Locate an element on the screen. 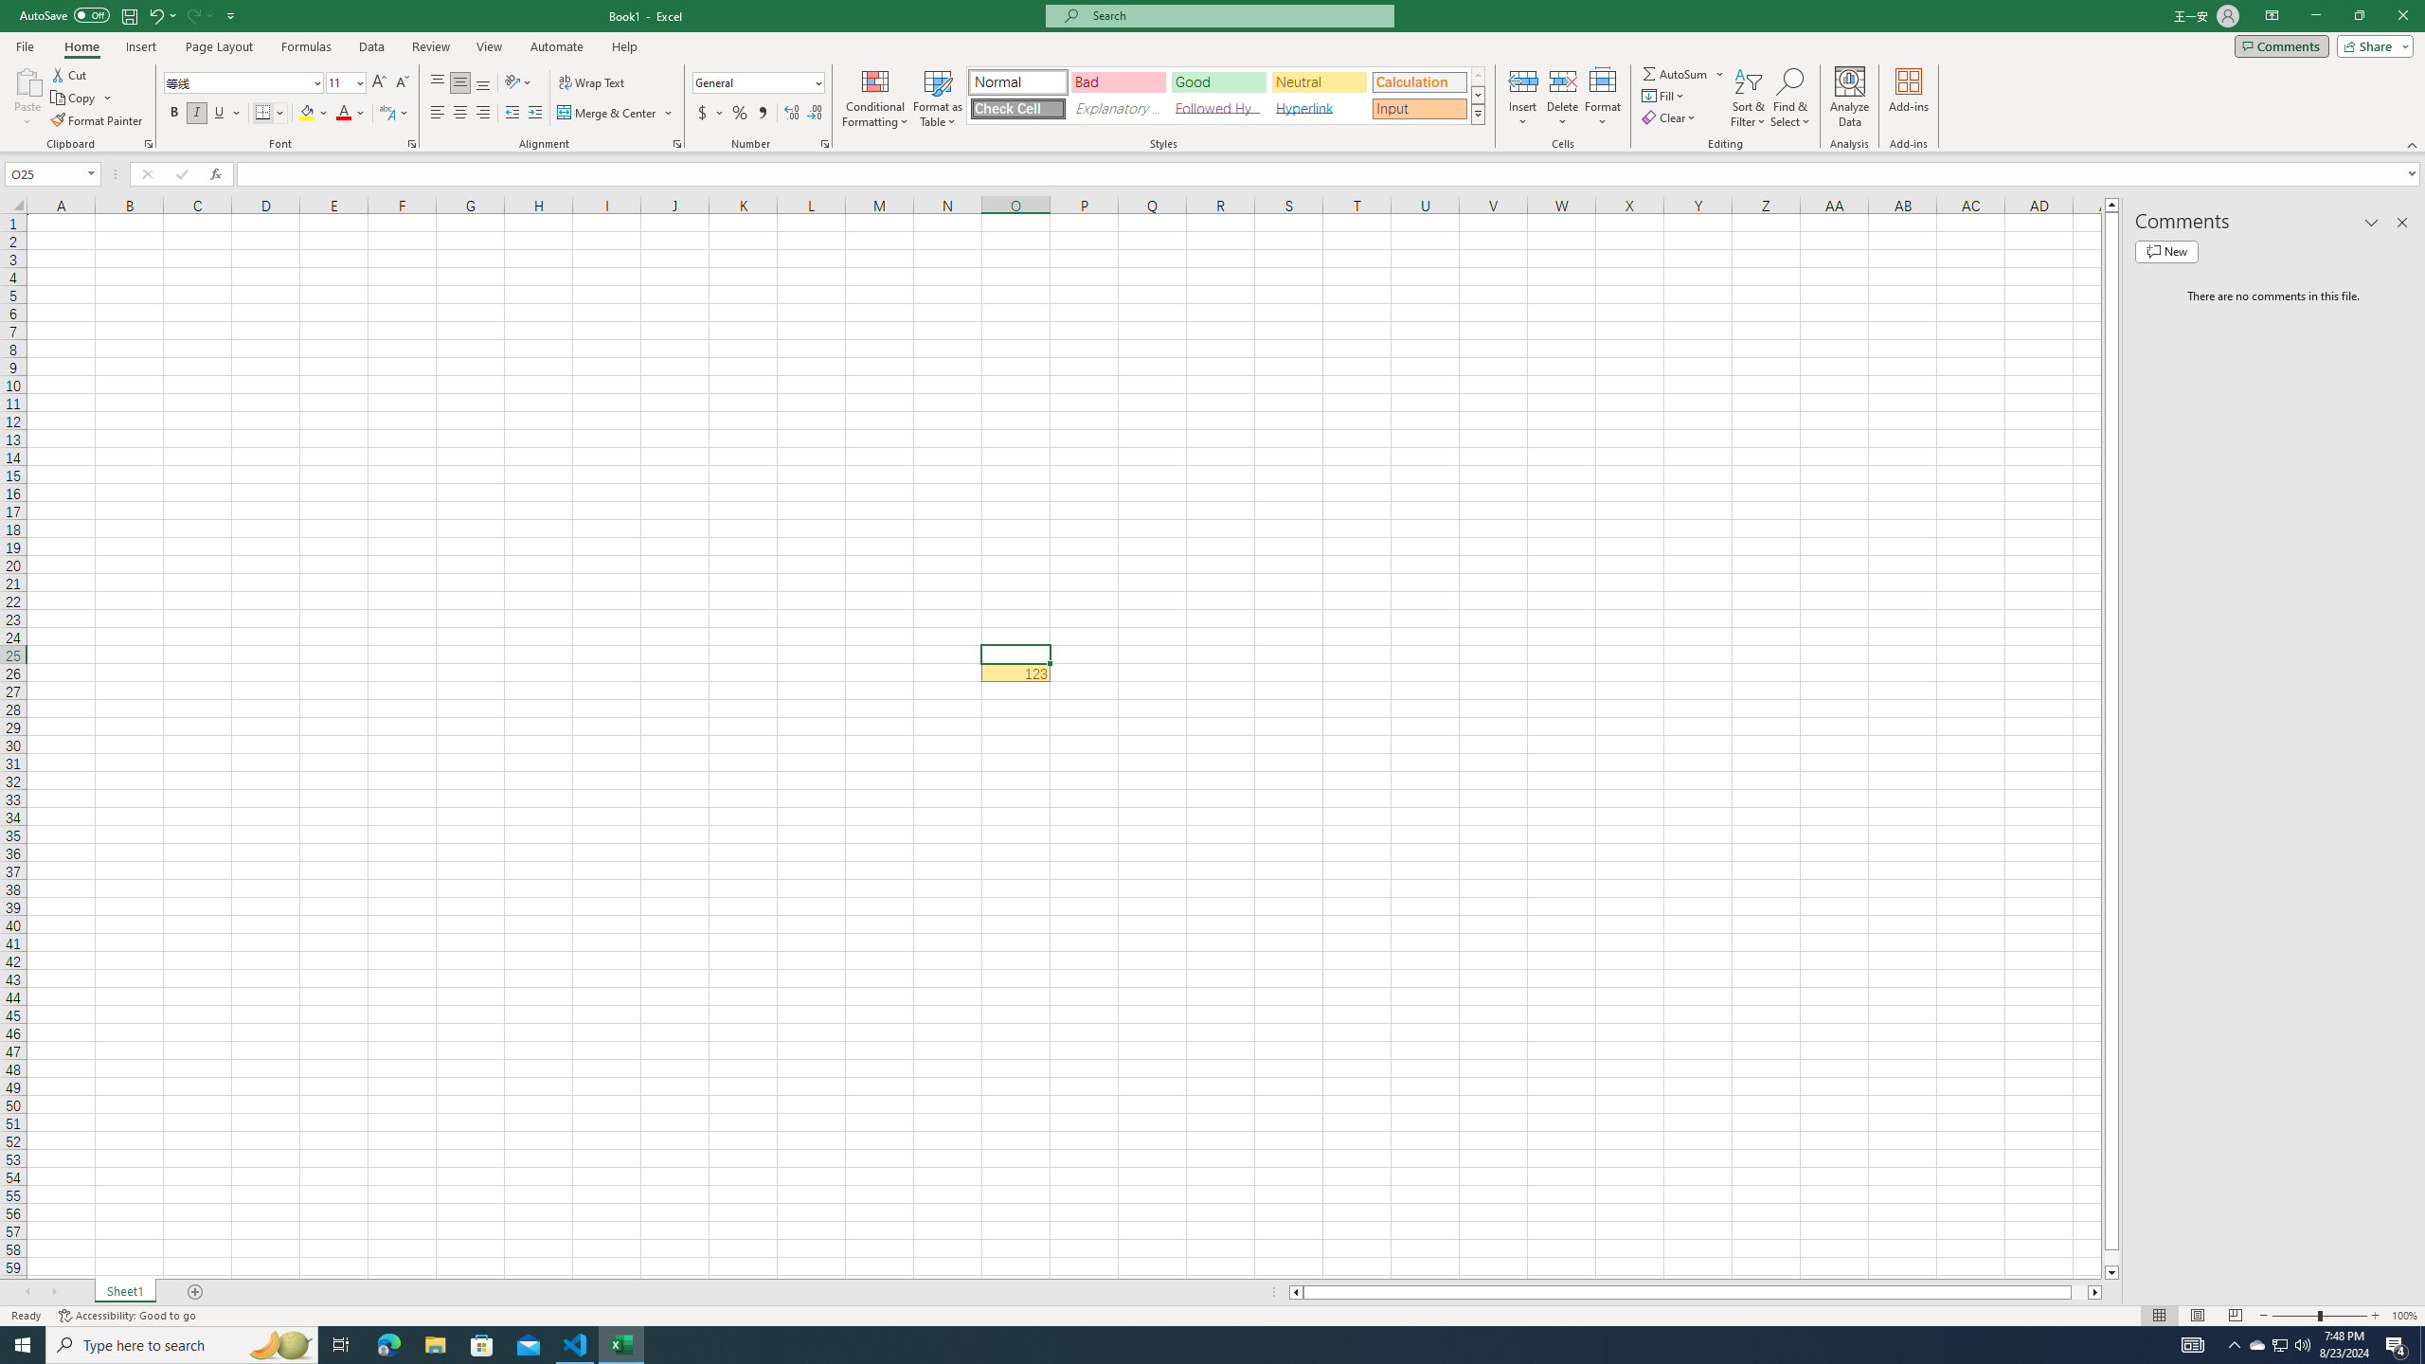  'AutomationID: CellStylesGallery' is located at coordinates (1227, 95).